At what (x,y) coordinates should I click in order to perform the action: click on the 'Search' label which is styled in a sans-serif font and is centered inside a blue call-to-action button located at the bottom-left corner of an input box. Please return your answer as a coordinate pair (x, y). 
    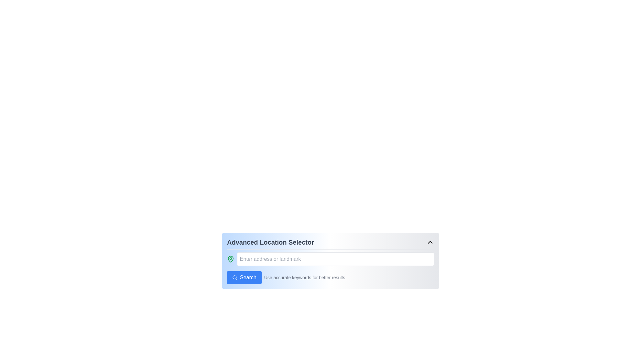
    Looking at the image, I should click on (248, 277).